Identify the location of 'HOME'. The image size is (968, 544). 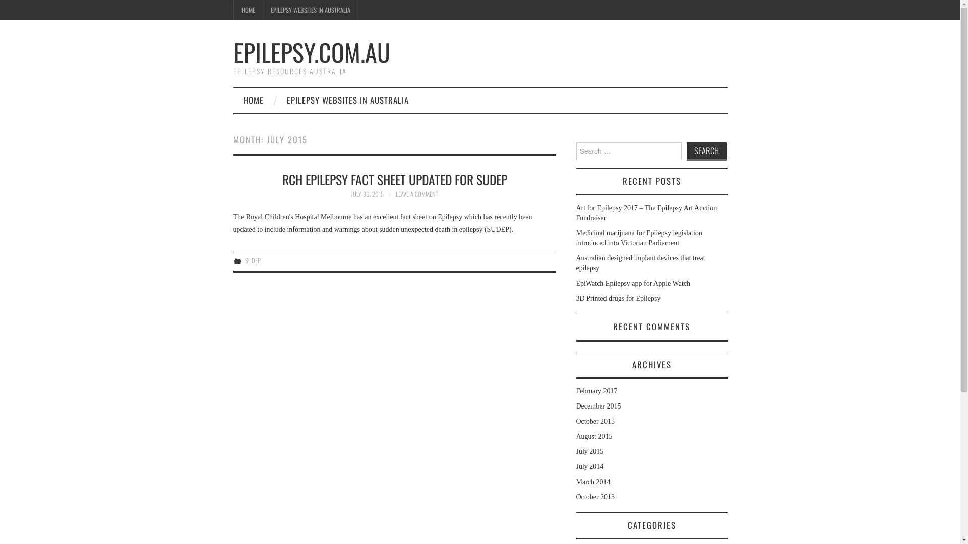
(248, 10).